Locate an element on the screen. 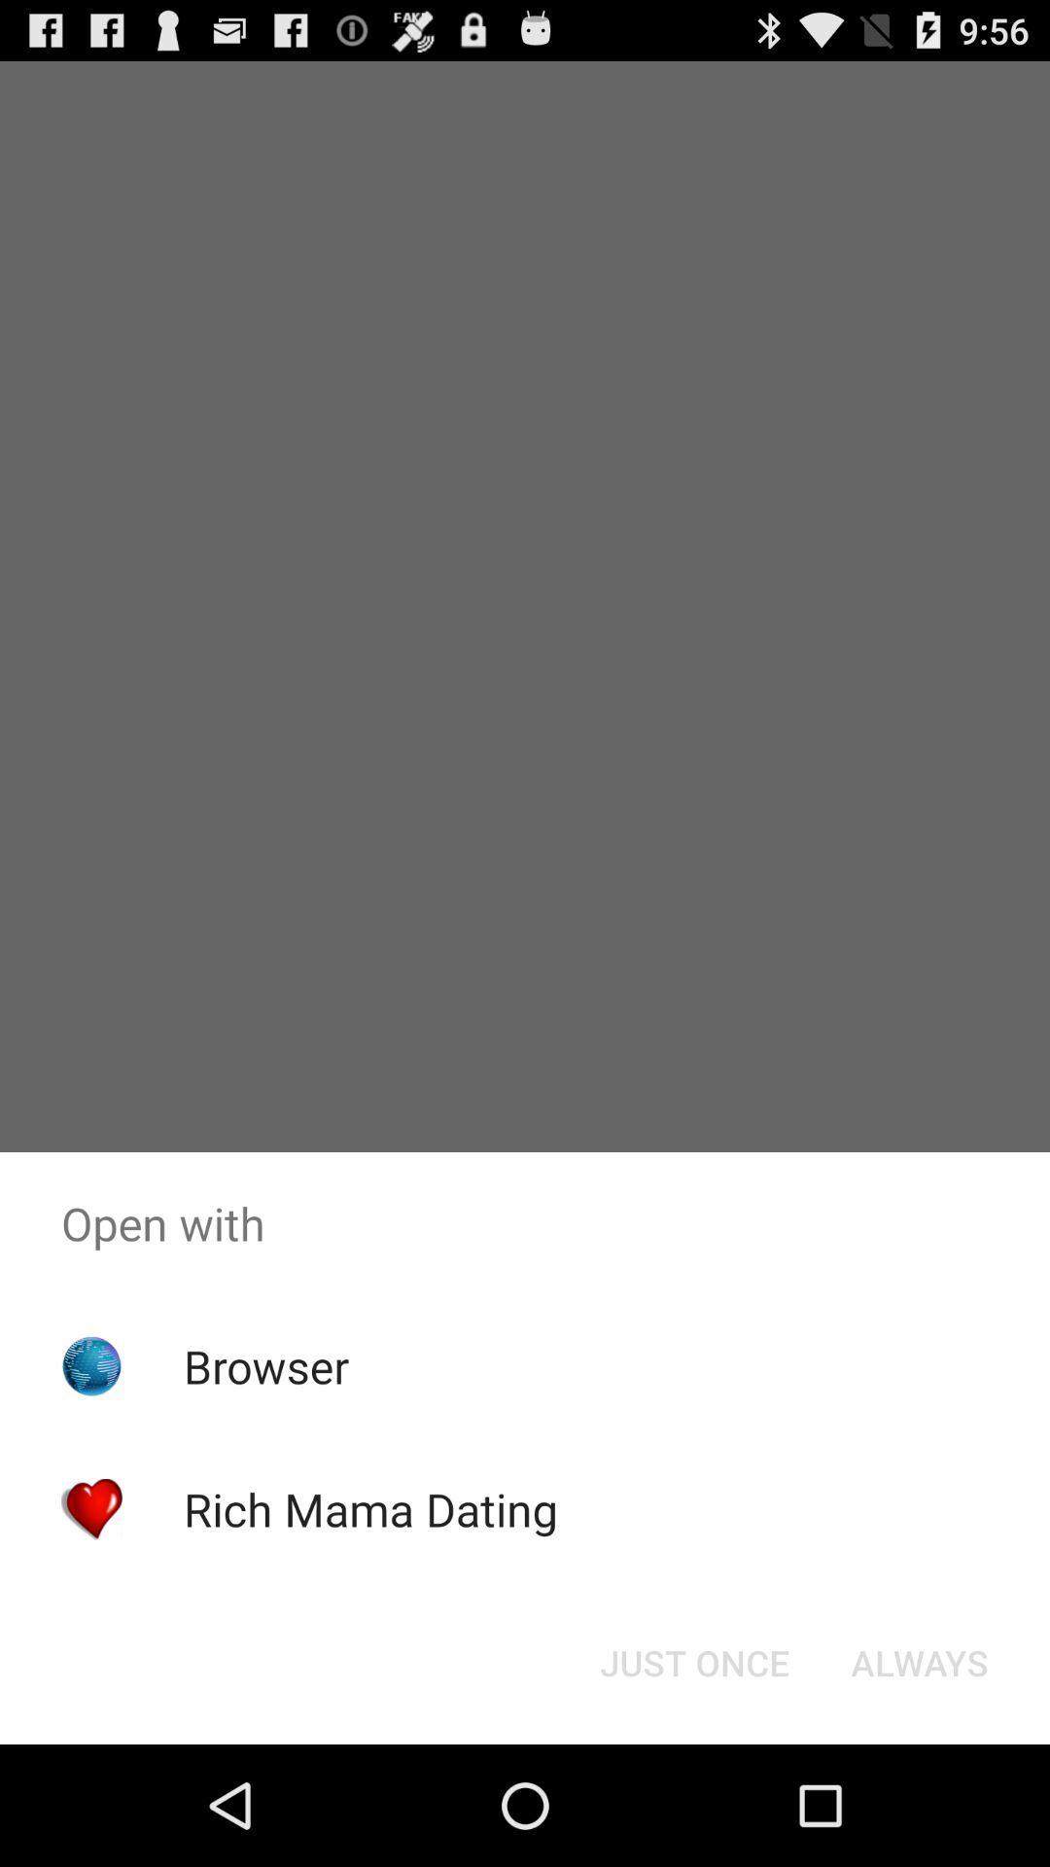 The height and width of the screenshot is (1867, 1050). the button next to always is located at coordinates (693, 1661).